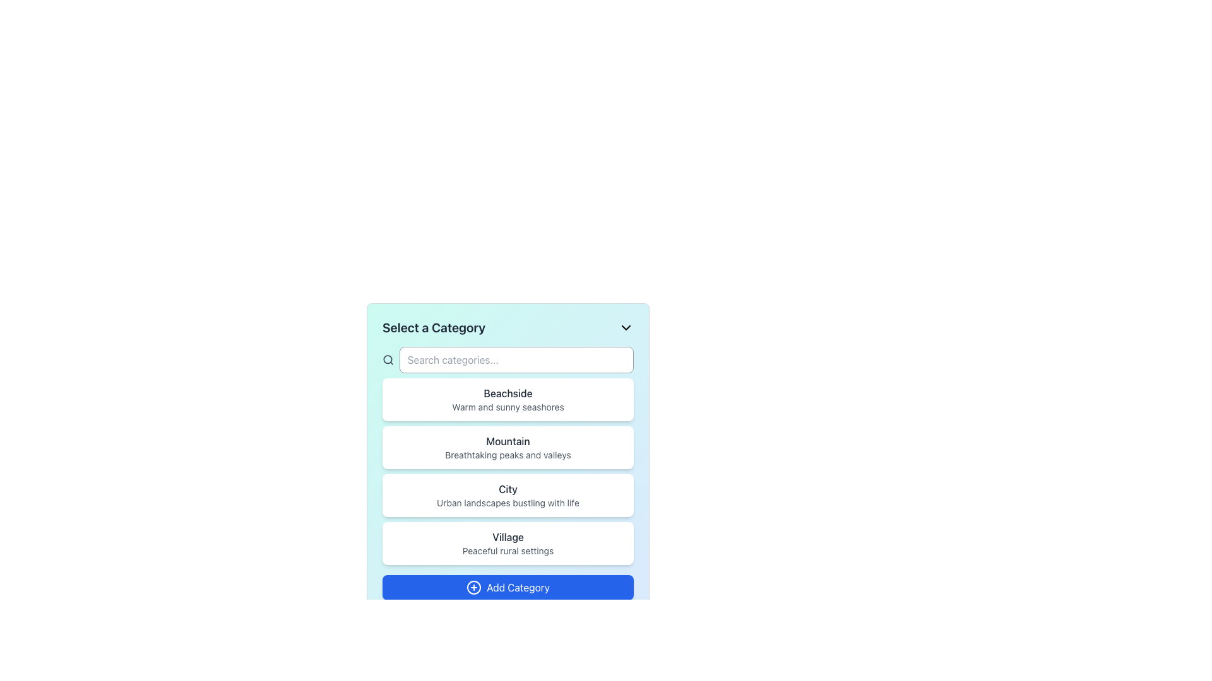 The width and height of the screenshot is (1212, 681). I want to click on the second selectable card element in the category selection section, which has a white background, rounded corners, and contains the text 'Mountain' and 'Breathtaking peaks and valleys', to apply visual changes, so click(508, 446).